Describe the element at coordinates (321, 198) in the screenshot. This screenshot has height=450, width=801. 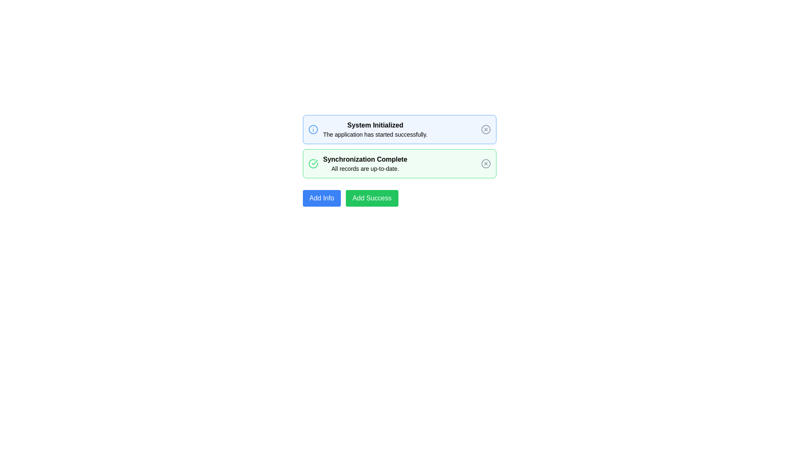
I see `the 'Add Info' button with bold white text on a blue background, located at the leftmost position among two horizontally aligned buttons` at that location.